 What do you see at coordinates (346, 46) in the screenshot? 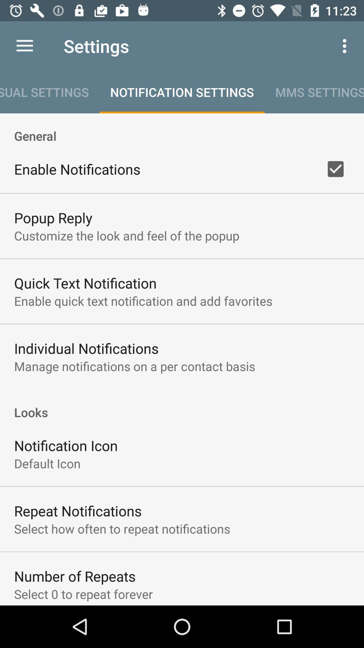
I see `the item to the right of settings icon` at bounding box center [346, 46].